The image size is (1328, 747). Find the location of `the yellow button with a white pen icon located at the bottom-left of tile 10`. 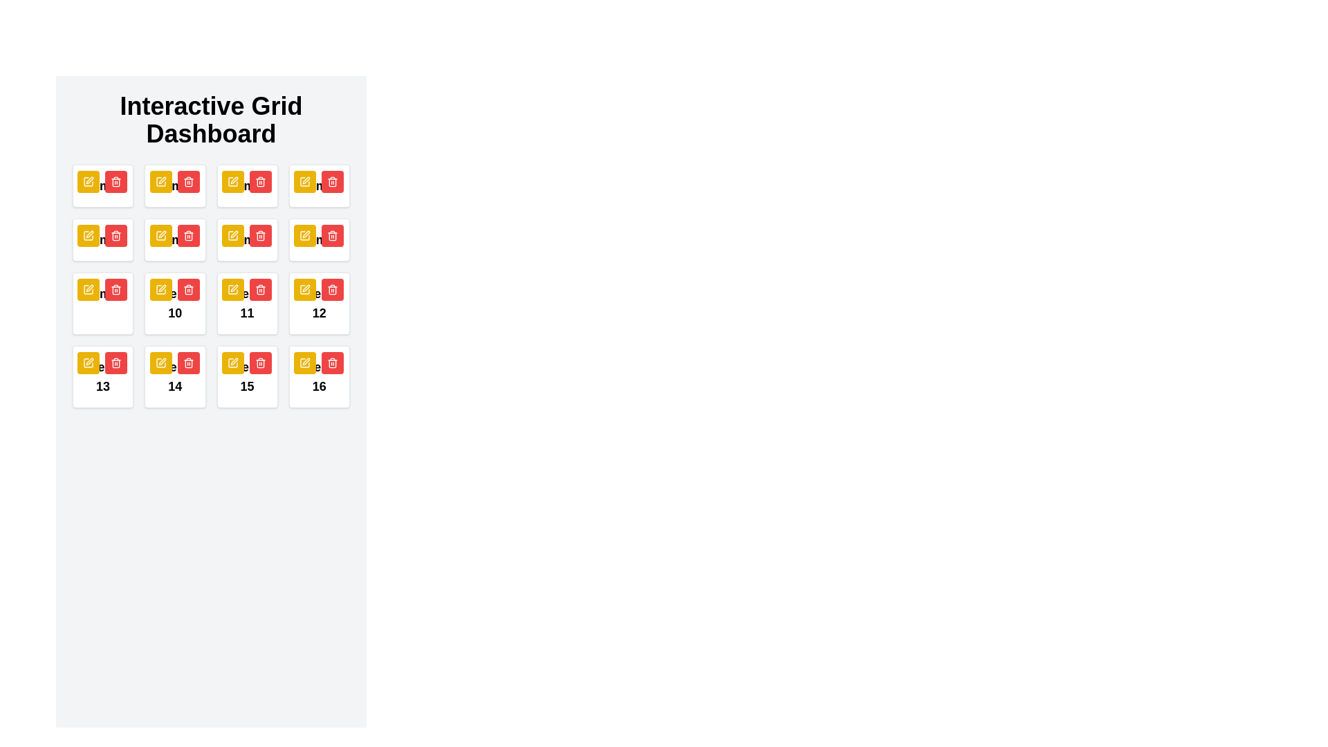

the yellow button with a white pen icon located at the bottom-left of tile 10 is located at coordinates (160, 289).